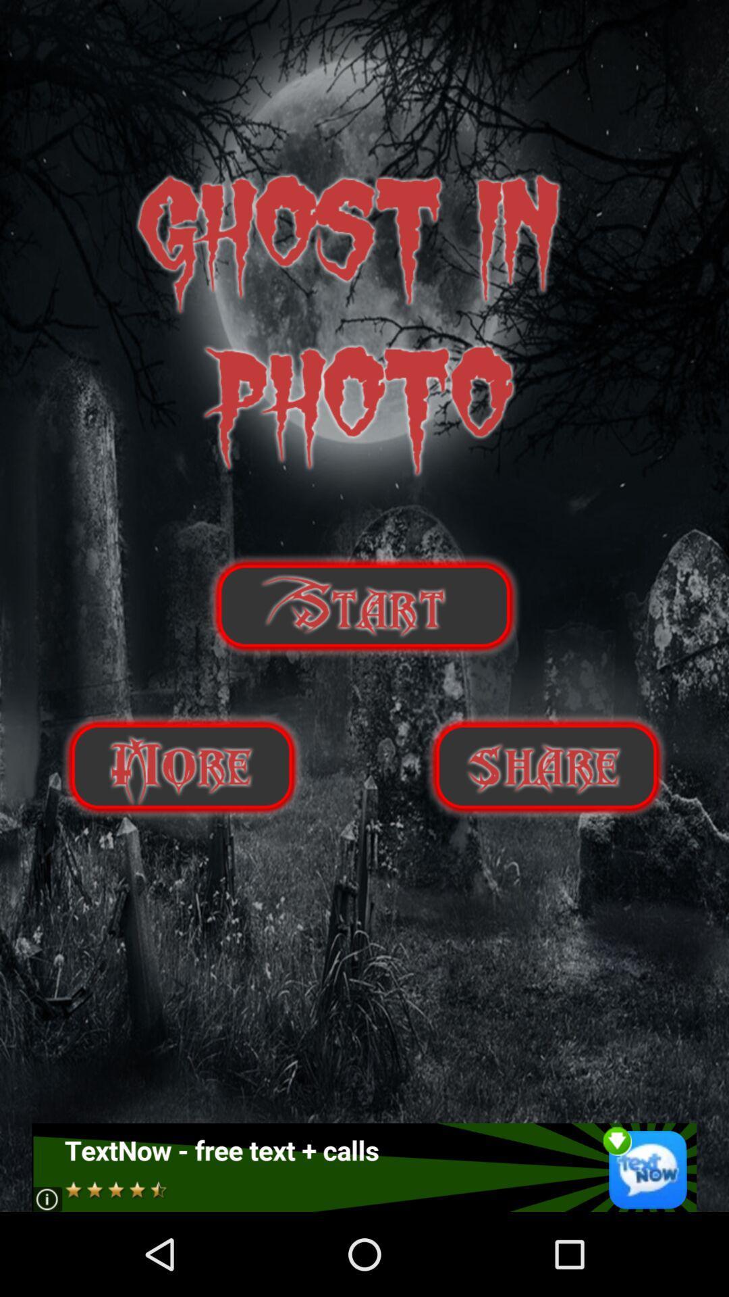 This screenshot has width=729, height=1297. I want to click on open advertisement, so click(363, 1167).